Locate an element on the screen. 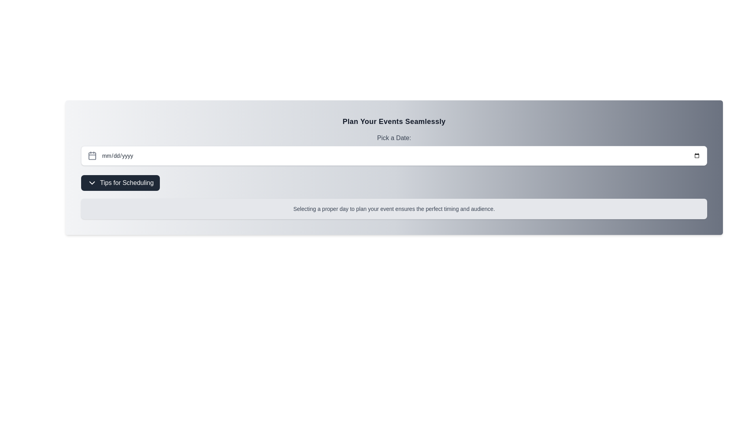 This screenshot has height=425, width=756. the Informational Text located beneath the 'Tips for Scheduling' button in the 'Plan Your Events Seamlessly' section, which has a gray background and rounded borders, displaying the message: 'Selecting a proper day to plan your event ensures the perfect timing and audience.' is located at coordinates (394, 209).